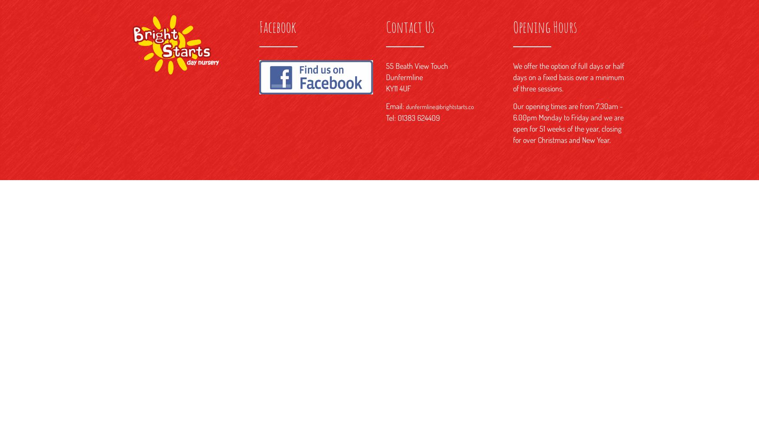 The height and width of the screenshot is (433, 759). What do you see at coordinates (439, 106) in the screenshot?
I see `'dunfermline@brightstarts.co'` at bounding box center [439, 106].